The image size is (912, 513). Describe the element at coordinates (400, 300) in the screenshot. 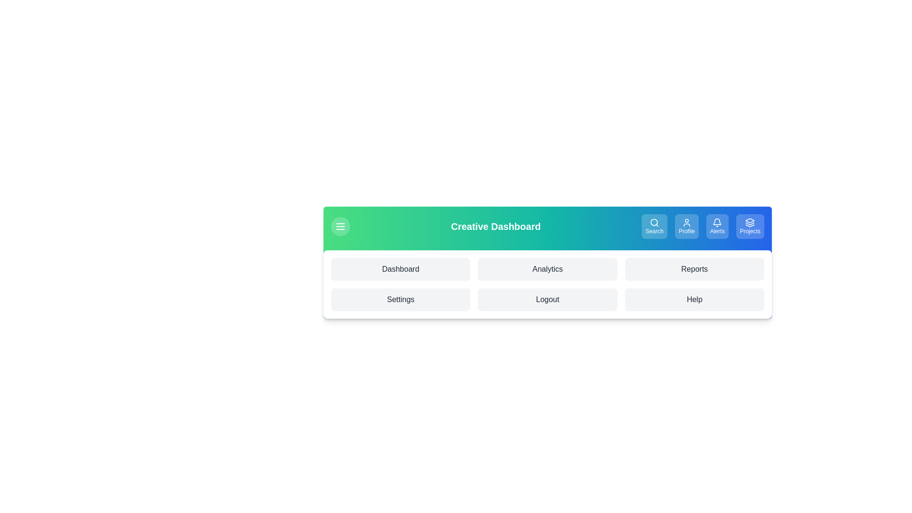

I see `the menu item labeled Settings` at that location.